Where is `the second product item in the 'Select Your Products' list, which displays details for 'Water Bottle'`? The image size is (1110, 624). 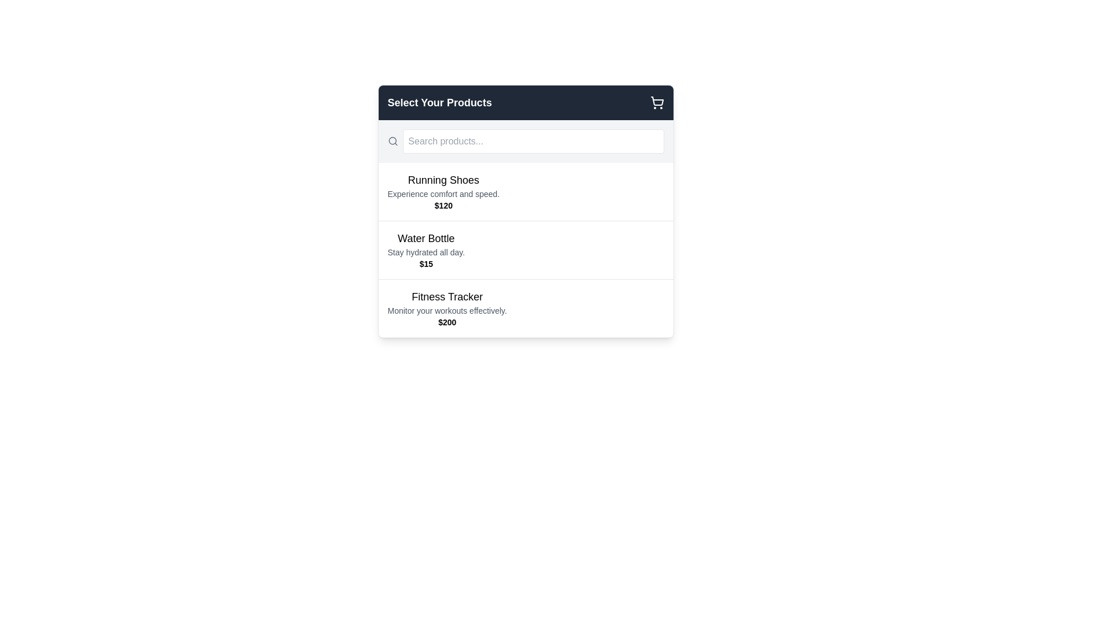 the second product item in the 'Select Your Products' list, which displays details for 'Water Bottle' is located at coordinates (525, 229).